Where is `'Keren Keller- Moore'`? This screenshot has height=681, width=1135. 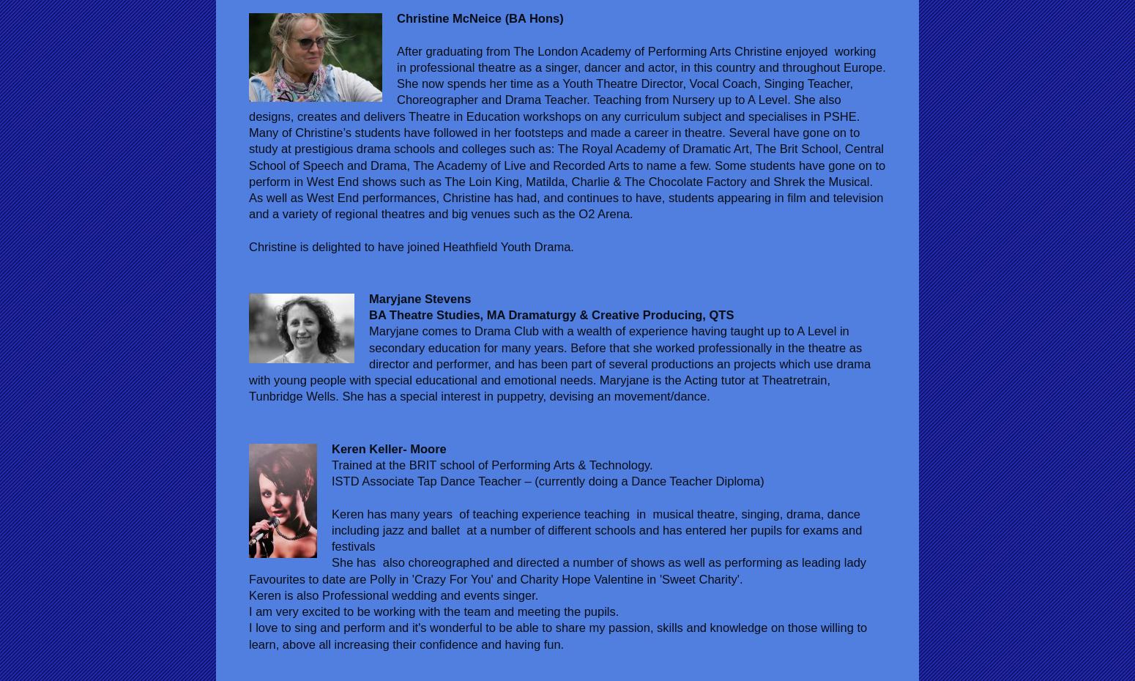
'Keren Keller- Moore' is located at coordinates (388, 448).